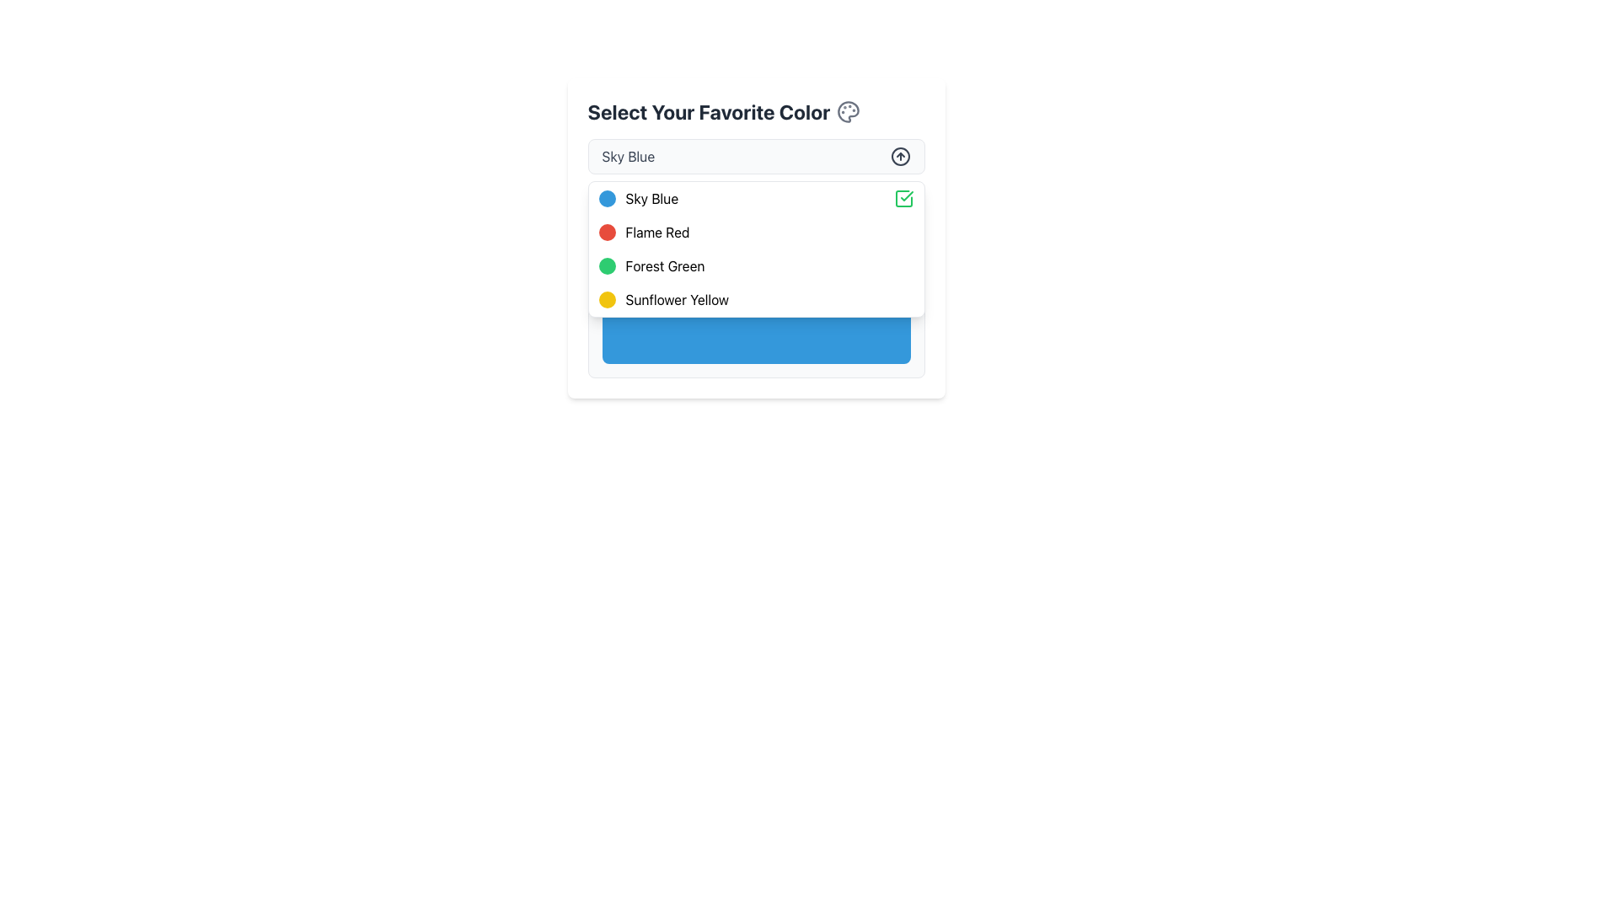 This screenshot has width=1618, height=910. I want to click on the menu item labeled 'Sky Blue' which is the first item in the dropdown menu under 'Select Your Favorite Color', so click(755, 197).